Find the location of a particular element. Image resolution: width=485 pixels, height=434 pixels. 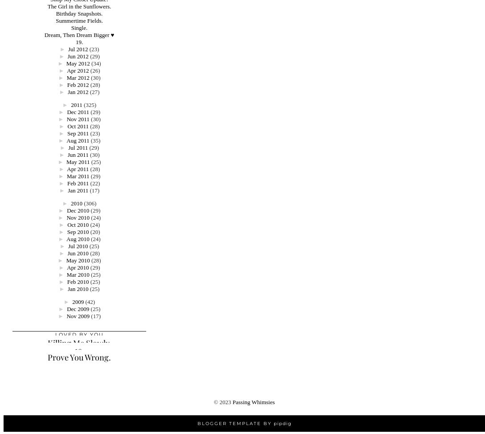

'Jan 2012' is located at coordinates (77, 92).